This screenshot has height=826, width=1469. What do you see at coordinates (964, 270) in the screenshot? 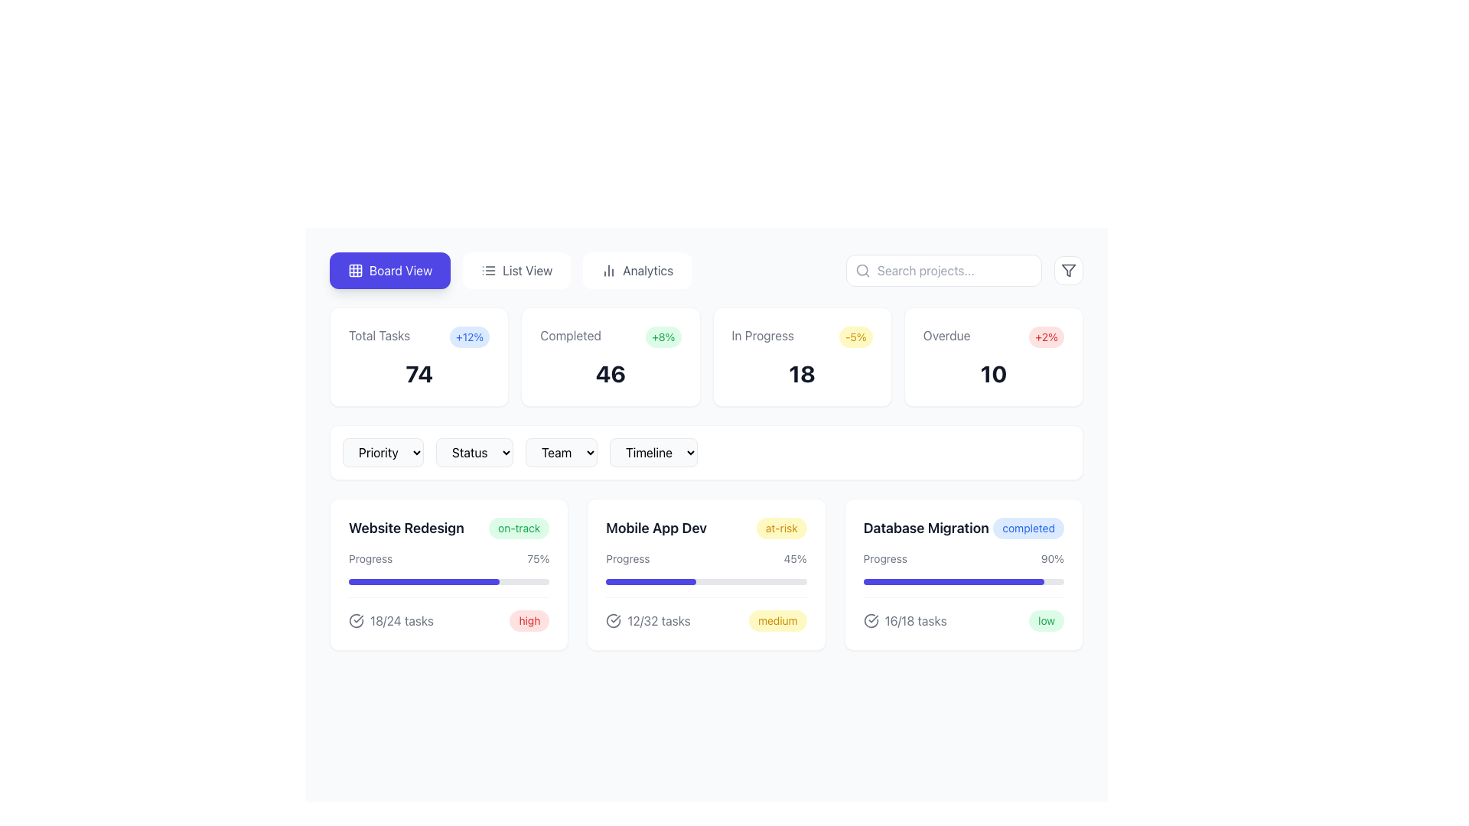
I see `the filter button, which is part of the combined search input box and action button, located in the top-right corner of the interface` at bounding box center [964, 270].